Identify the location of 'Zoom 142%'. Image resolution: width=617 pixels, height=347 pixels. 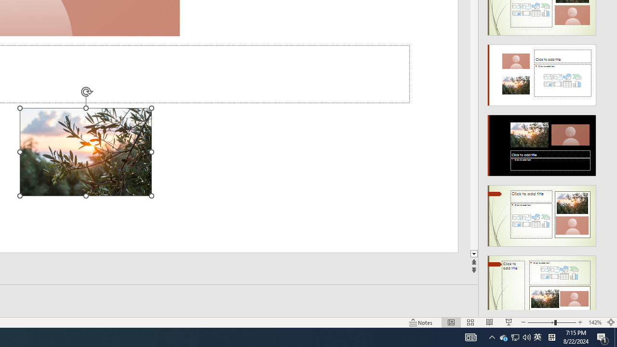
(594, 322).